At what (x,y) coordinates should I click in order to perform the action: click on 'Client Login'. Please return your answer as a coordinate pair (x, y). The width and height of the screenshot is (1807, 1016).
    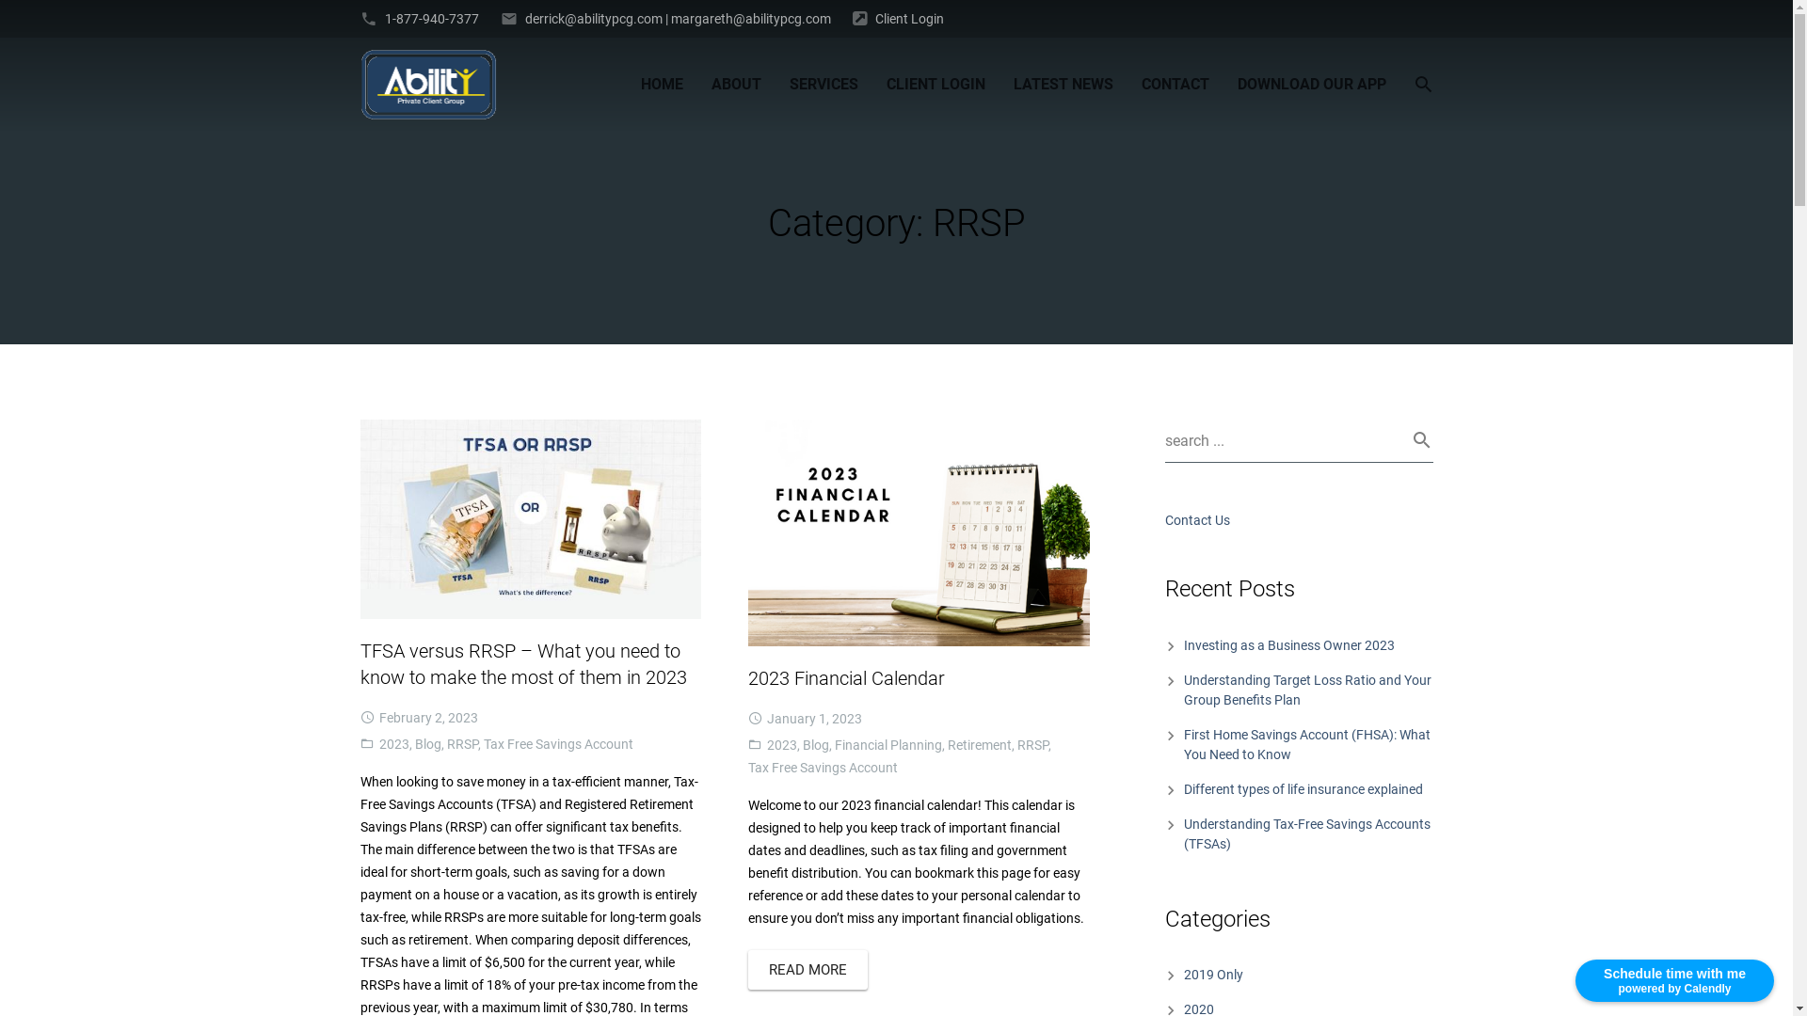
    Looking at the image, I should click on (909, 18).